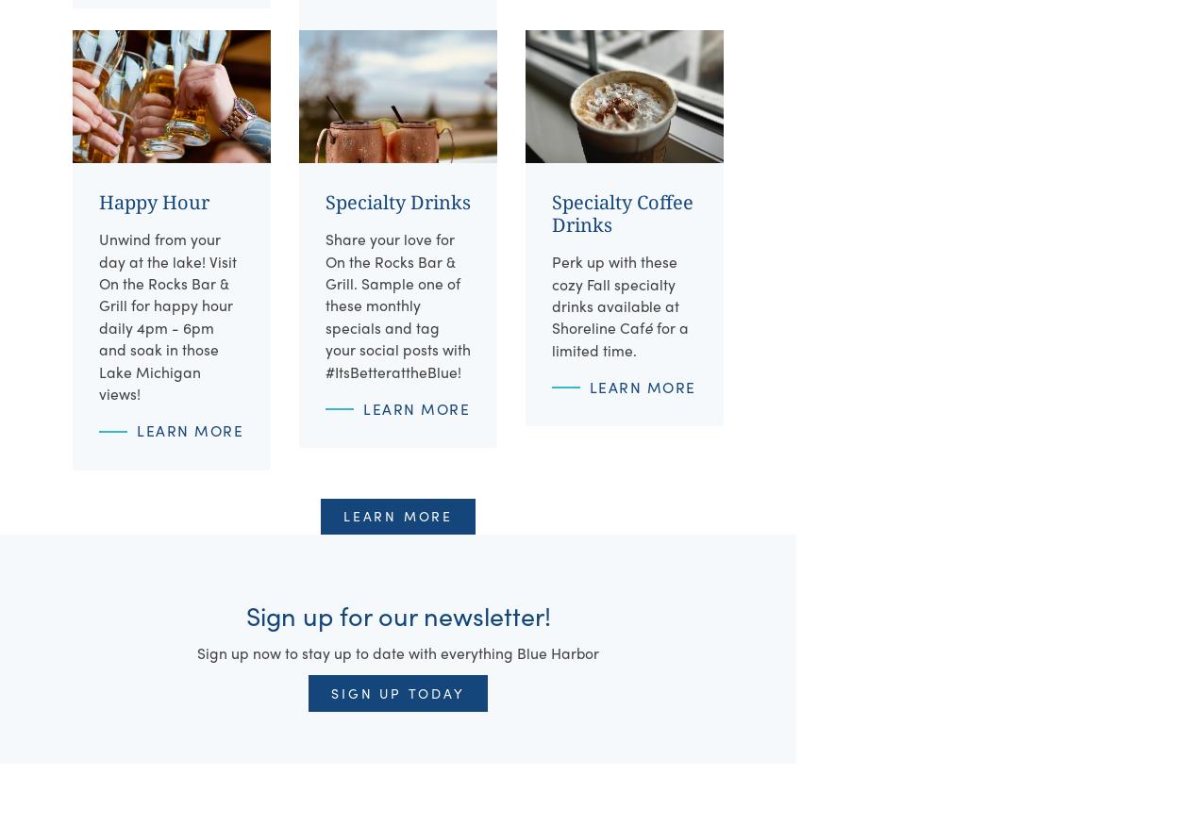 The image size is (1186, 825). I want to click on 'Share your love for On the Rocks Bar & Grill. Sample one of these monthly specials and tag your social posts with #ItsBetterattheBlue!', so click(397, 305).